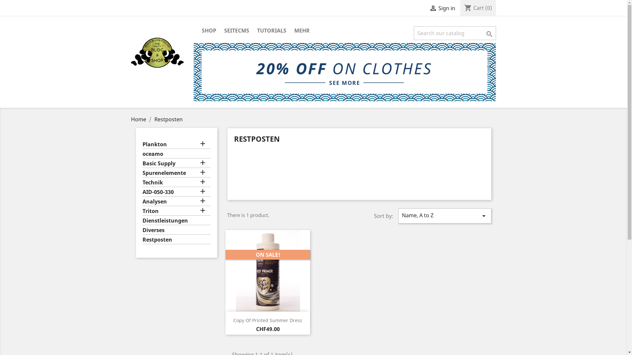  Describe the element at coordinates (176, 201) in the screenshot. I see `'Analysen'` at that location.